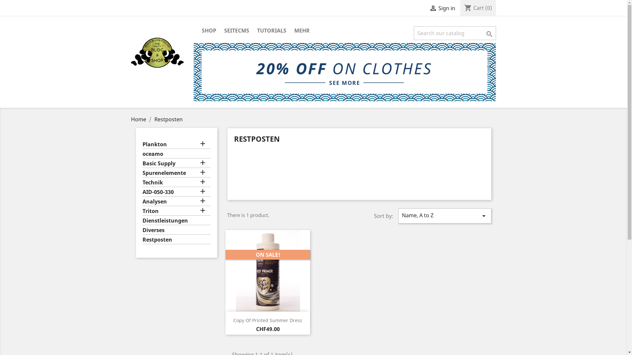  Describe the element at coordinates (176, 201) in the screenshot. I see `'Analysen'` at that location.